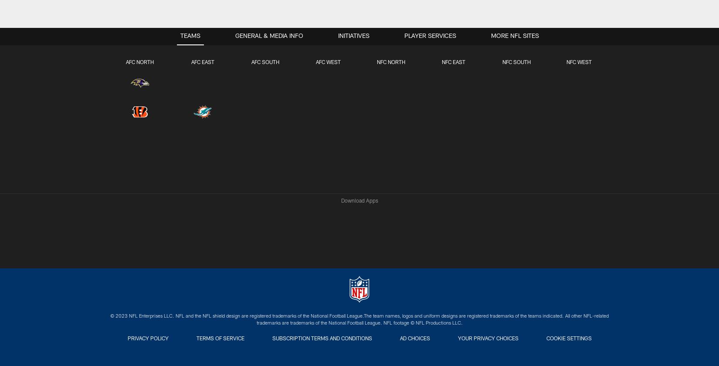 The width and height of the screenshot is (719, 366). Describe the element at coordinates (220, 339) in the screenshot. I see `'Terms of Service'` at that location.